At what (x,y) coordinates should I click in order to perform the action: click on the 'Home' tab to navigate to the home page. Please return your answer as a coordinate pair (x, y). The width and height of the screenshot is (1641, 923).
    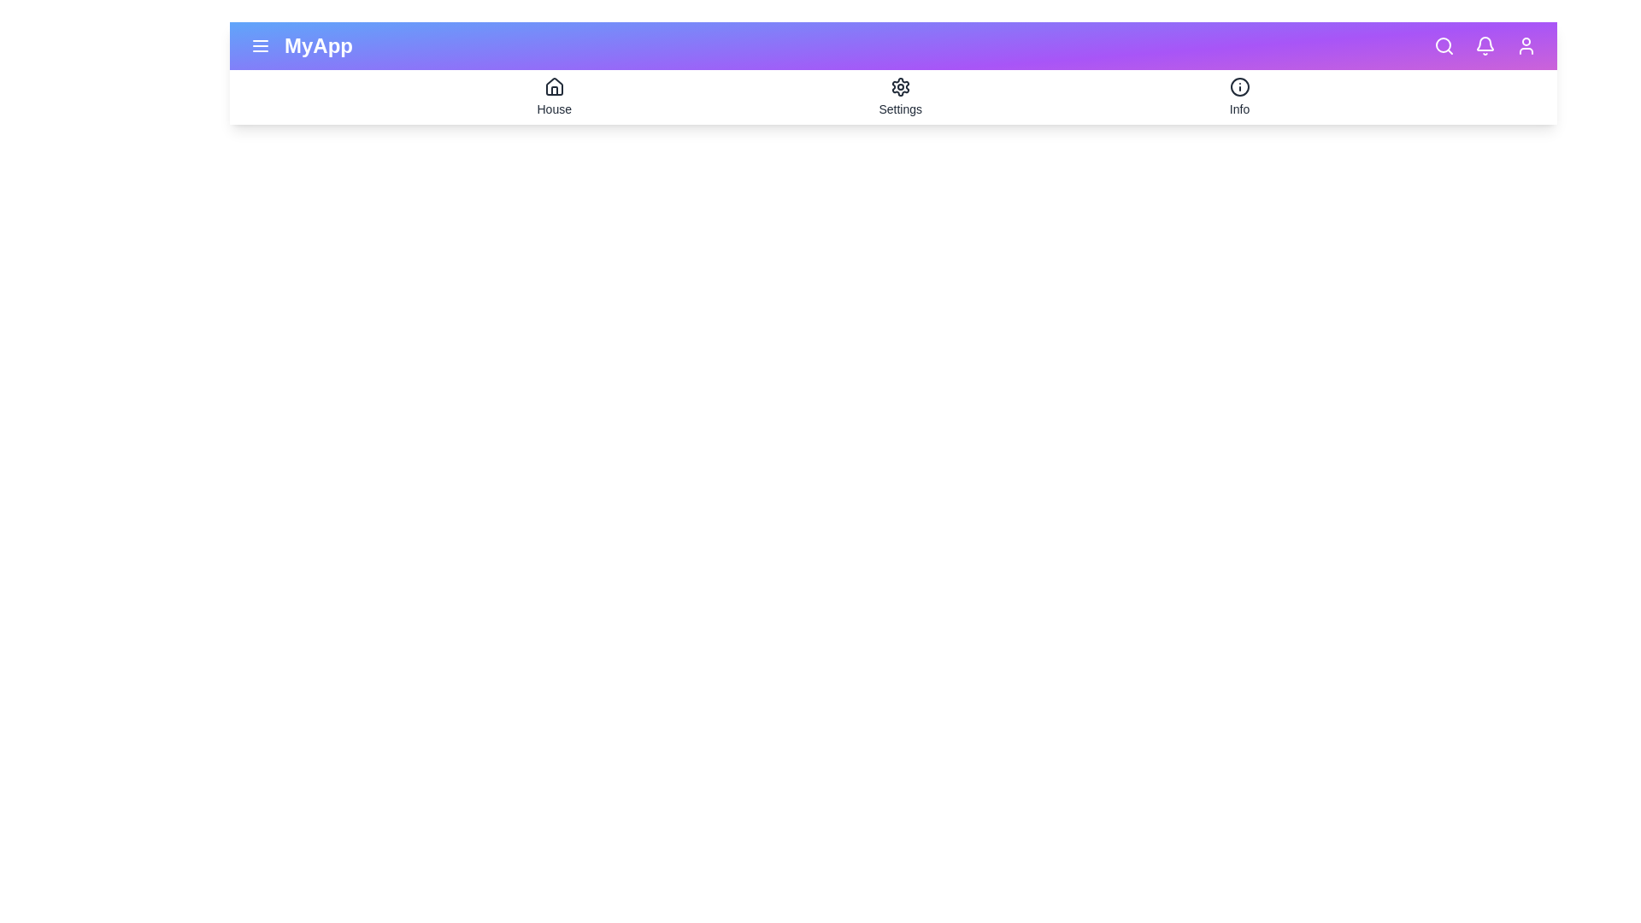
    Looking at the image, I should click on (554, 97).